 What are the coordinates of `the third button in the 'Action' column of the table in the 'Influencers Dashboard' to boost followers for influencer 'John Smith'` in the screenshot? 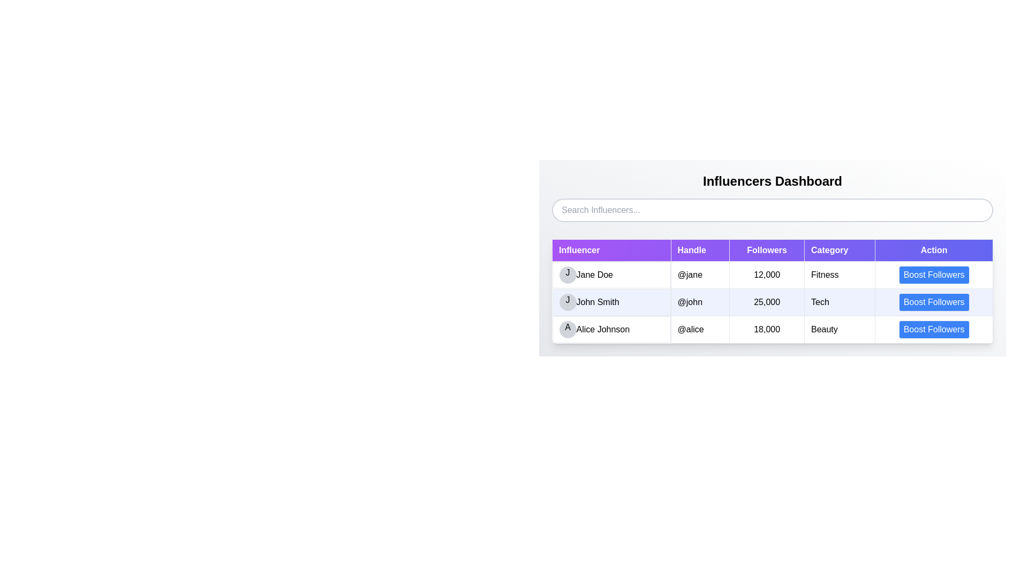 It's located at (933, 302).